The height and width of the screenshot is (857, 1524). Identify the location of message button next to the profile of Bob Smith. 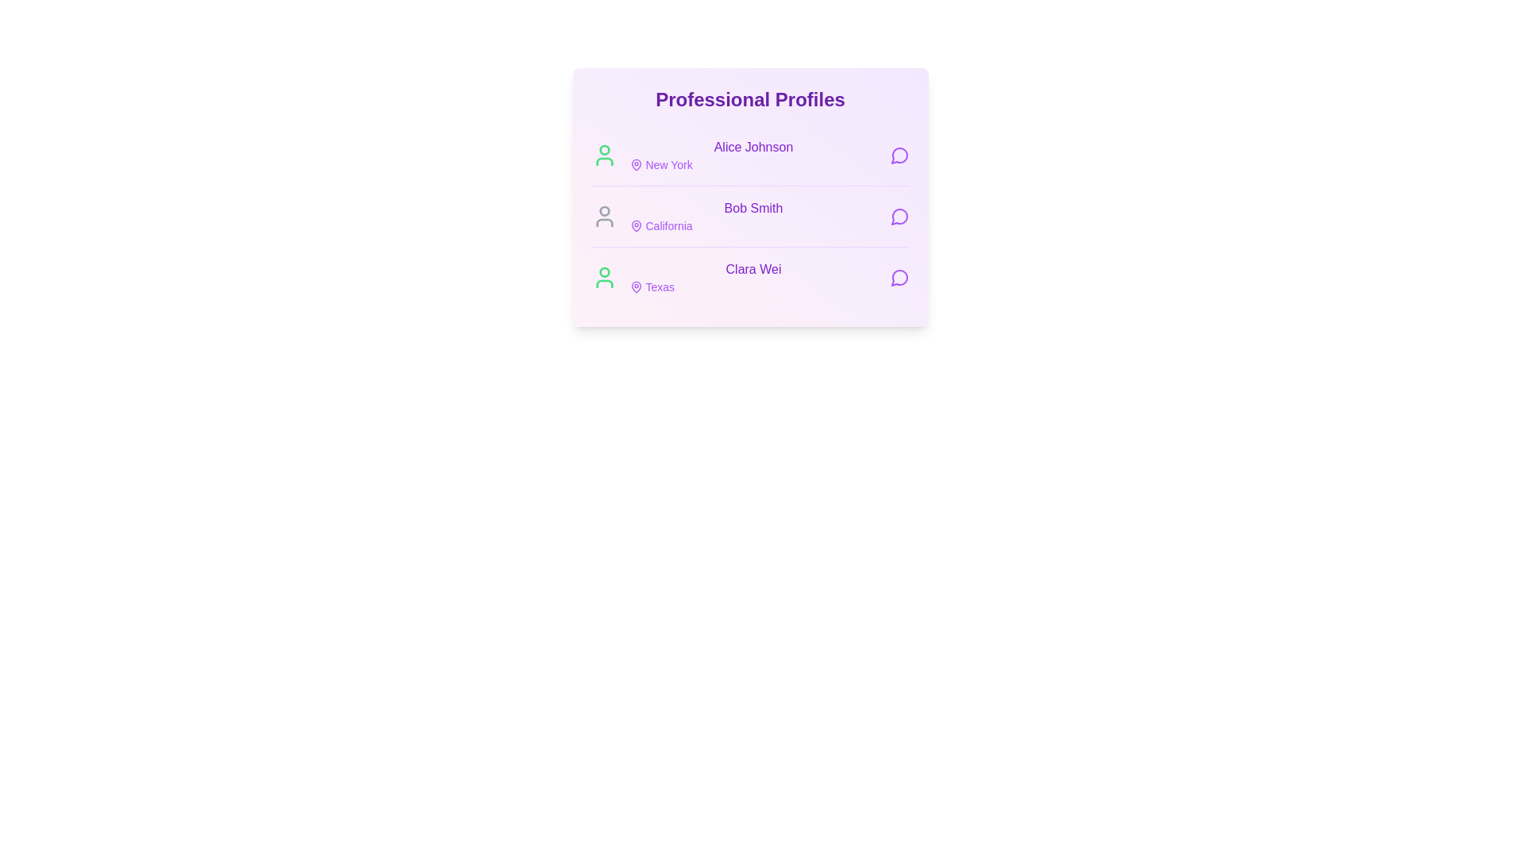
(899, 217).